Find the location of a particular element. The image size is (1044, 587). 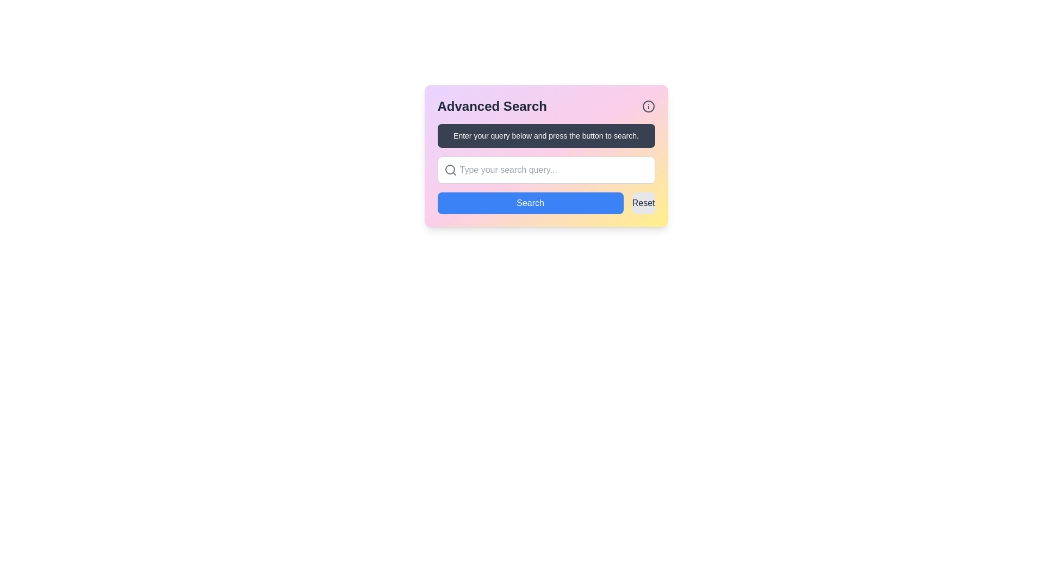

information displayed in the dark grey rectangular text block that contains the message 'Enter your query below and press the button to search.' is located at coordinates (546, 135).